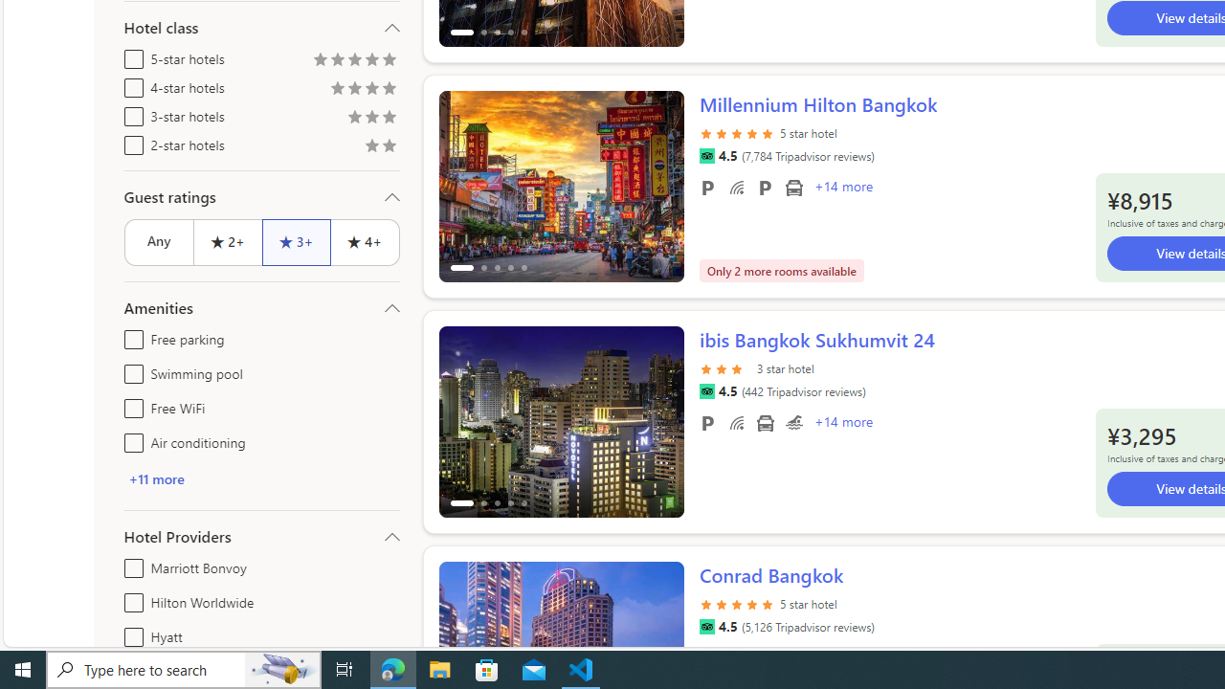 This screenshot has height=689, width=1225. Describe the element at coordinates (295, 241) in the screenshot. I see `'3+'` at that location.